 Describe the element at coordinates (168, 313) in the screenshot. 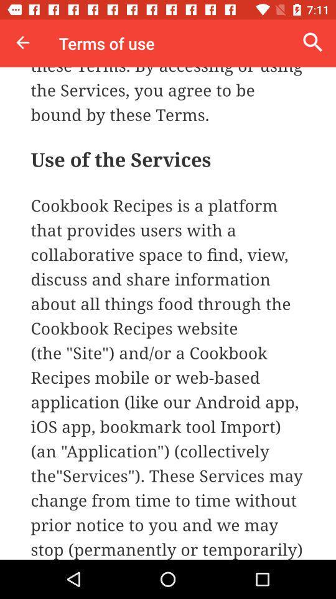

I see `app window` at that location.